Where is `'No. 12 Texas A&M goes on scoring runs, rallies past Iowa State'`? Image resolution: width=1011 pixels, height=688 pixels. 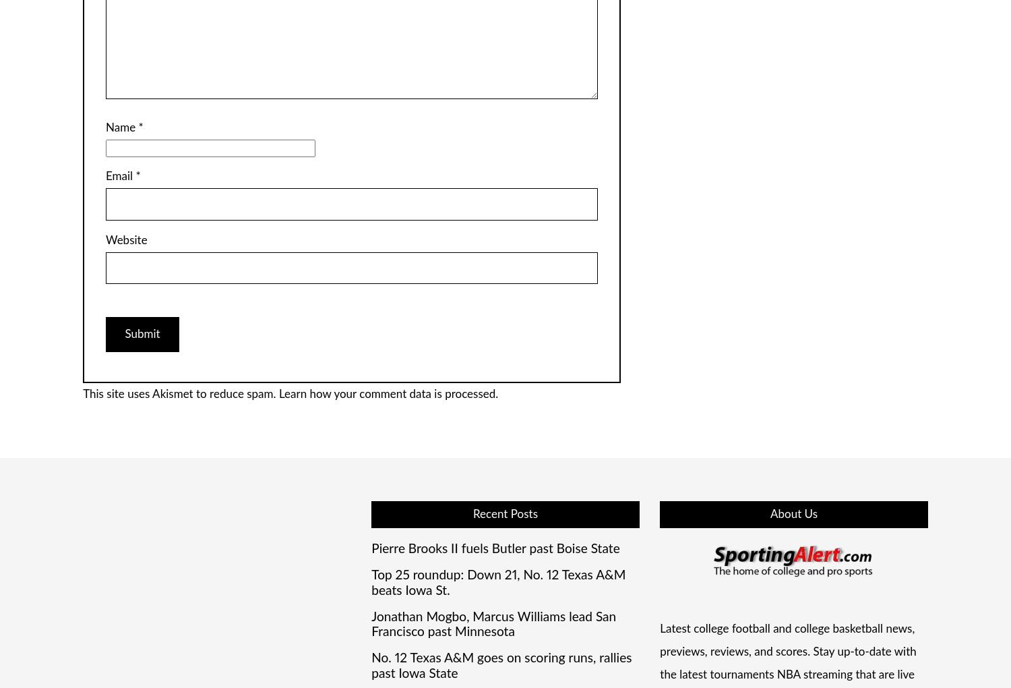
'No. 12 Texas A&M goes on scoring runs, rallies past Iowa State' is located at coordinates (501, 666).